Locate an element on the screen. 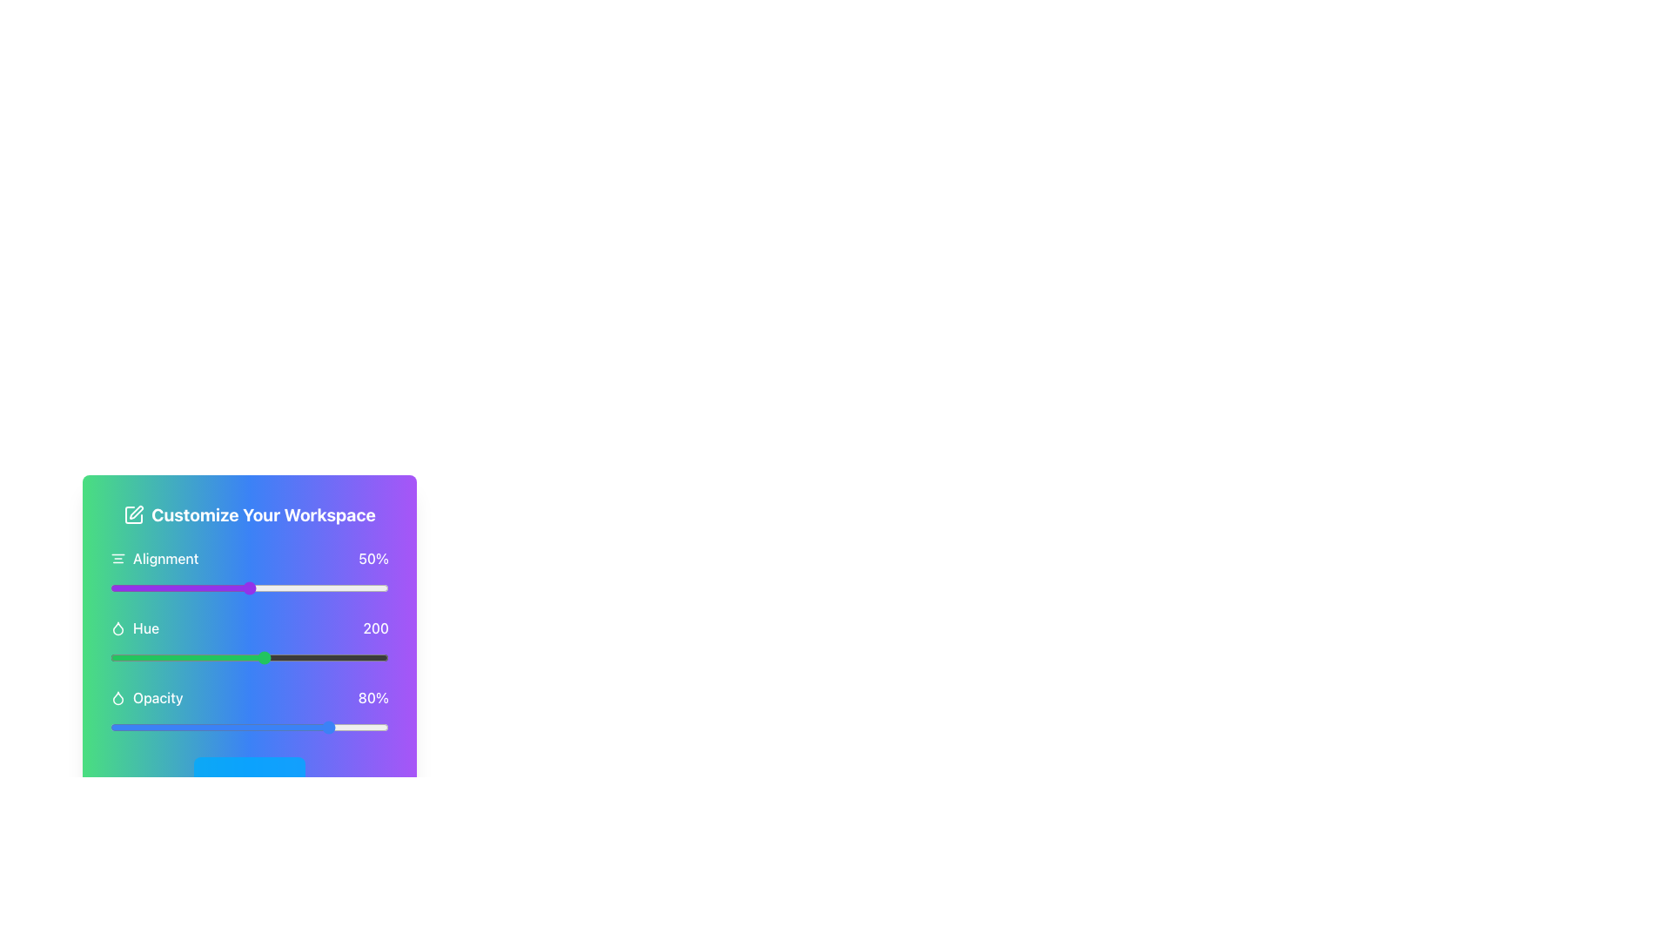  the alignment percentage is located at coordinates (308, 587).